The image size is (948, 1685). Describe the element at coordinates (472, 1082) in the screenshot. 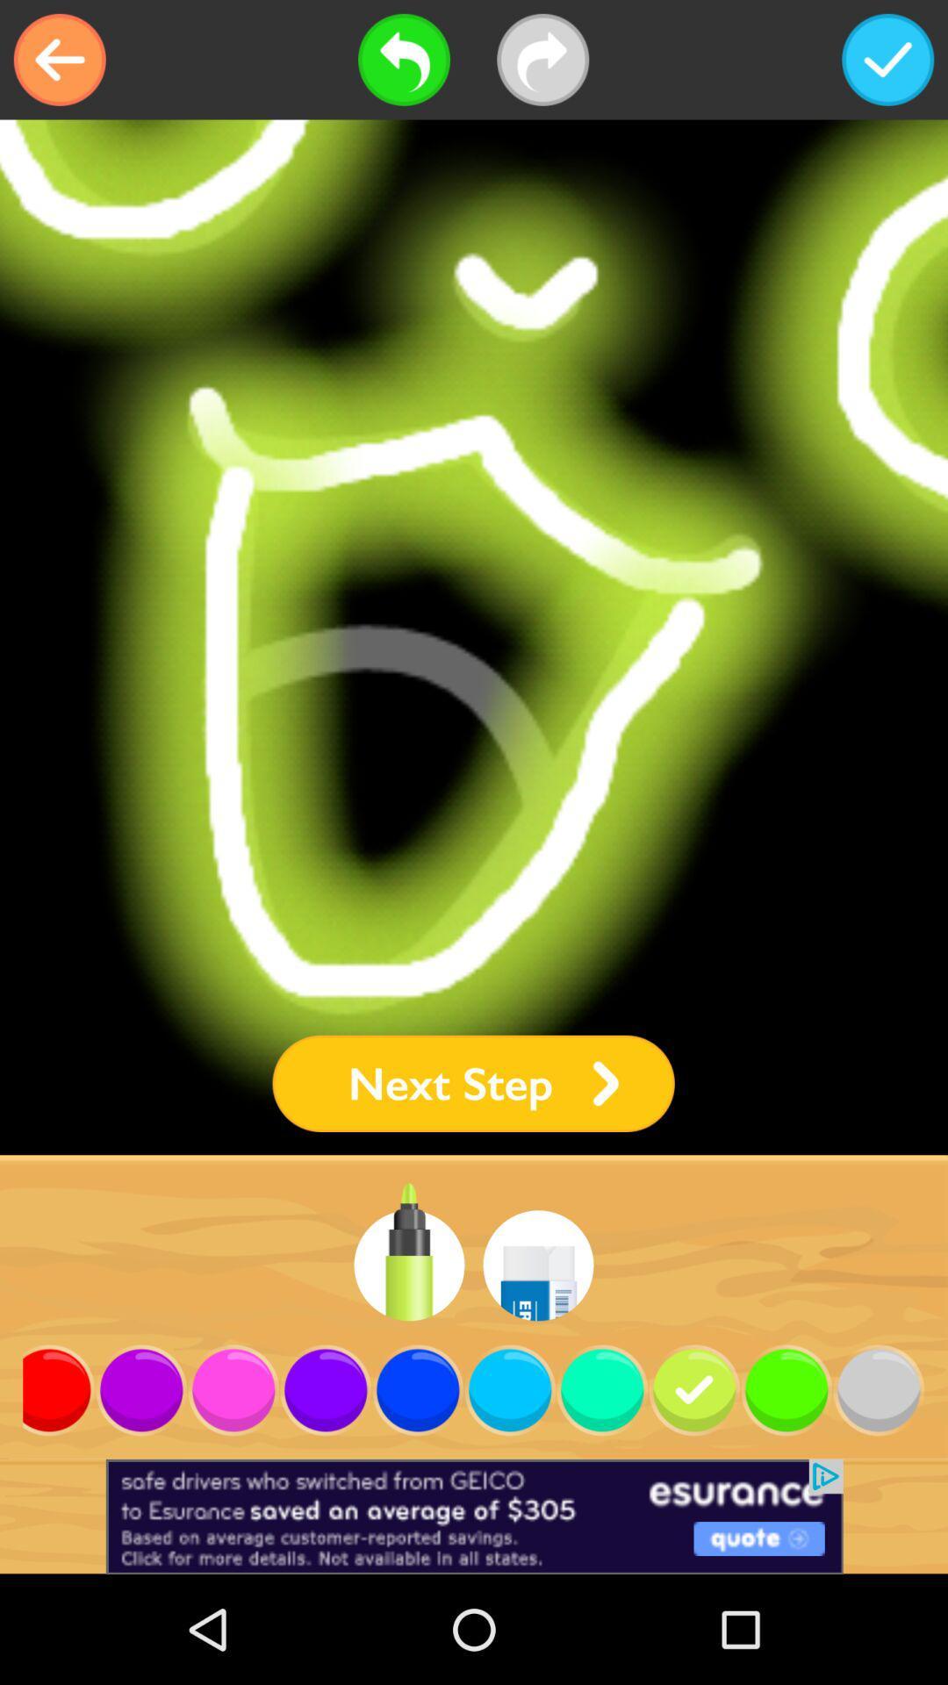

I see `the next step` at that location.